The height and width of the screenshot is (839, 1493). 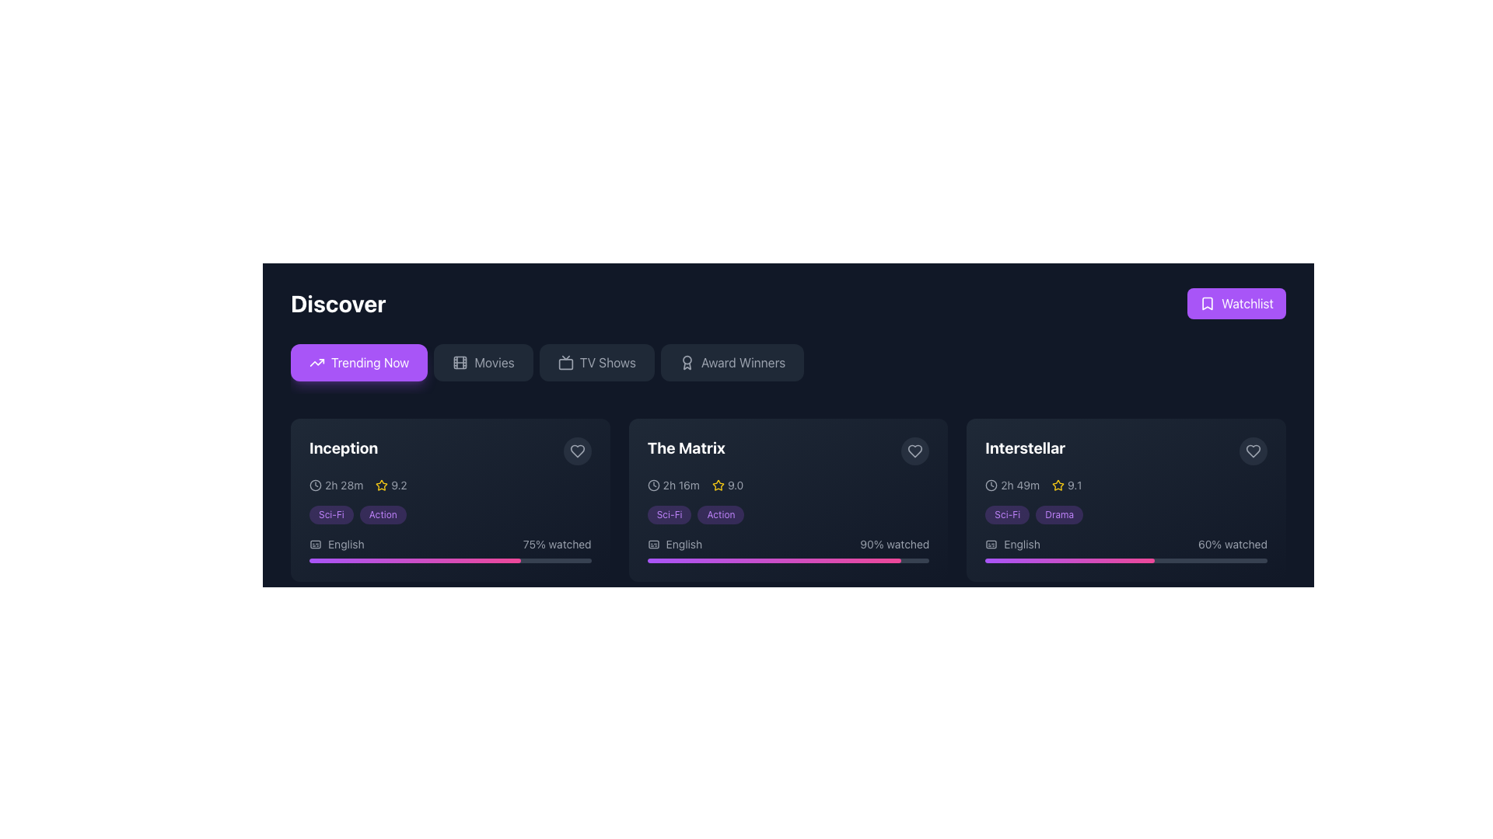 What do you see at coordinates (1236, 303) in the screenshot?
I see `the 'Watchlist' button located in the upper-right side of the interface, featuring a bright purple background and a white bookmark icon` at bounding box center [1236, 303].